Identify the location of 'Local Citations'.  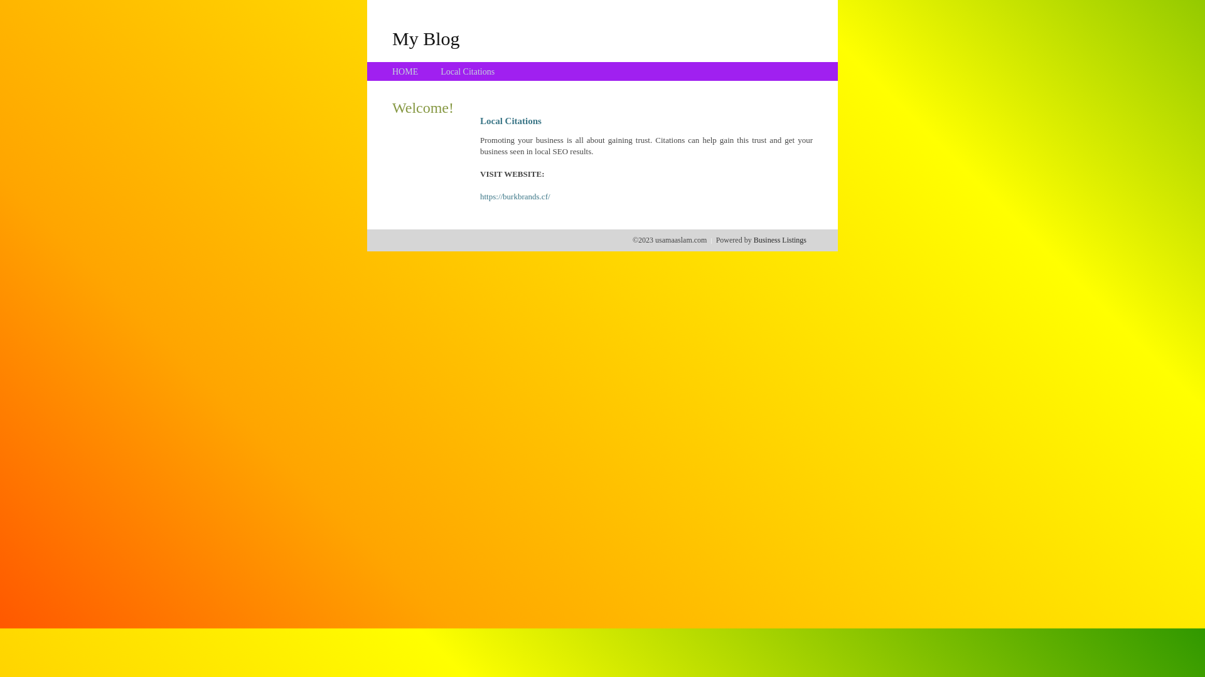
(466, 71).